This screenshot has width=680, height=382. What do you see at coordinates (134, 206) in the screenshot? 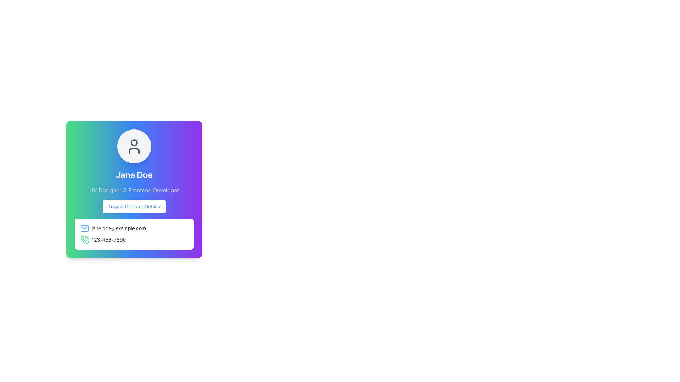
I see `the button with rounded corners that reads 'Toggle Contact Details' to observe the style change` at bounding box center [134, 206].